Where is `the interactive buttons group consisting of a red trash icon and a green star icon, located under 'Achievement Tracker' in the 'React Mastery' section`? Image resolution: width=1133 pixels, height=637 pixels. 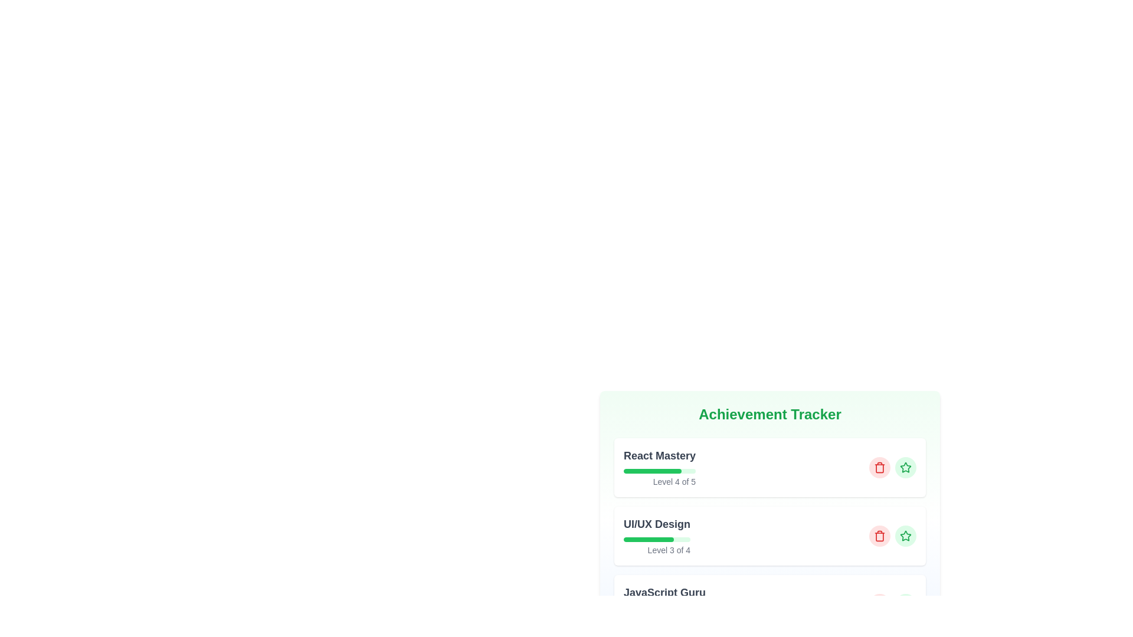 the interactive buttons group consisting of a red trash icon and a green star icon, located under 'Achievement Tracker' in the 'React Mastery' section is located at coordinates (892, 467).